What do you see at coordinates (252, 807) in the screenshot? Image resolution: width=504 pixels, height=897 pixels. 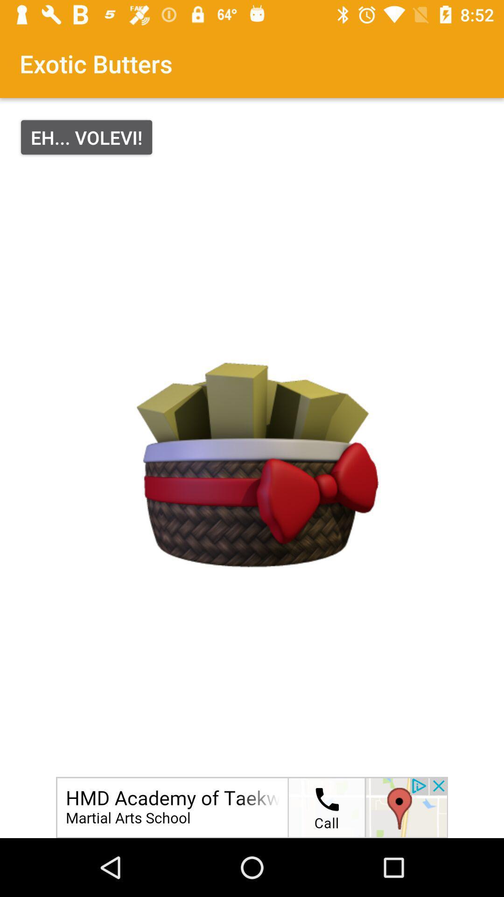 I see `open advertisement` at bounding box center [252, 807].